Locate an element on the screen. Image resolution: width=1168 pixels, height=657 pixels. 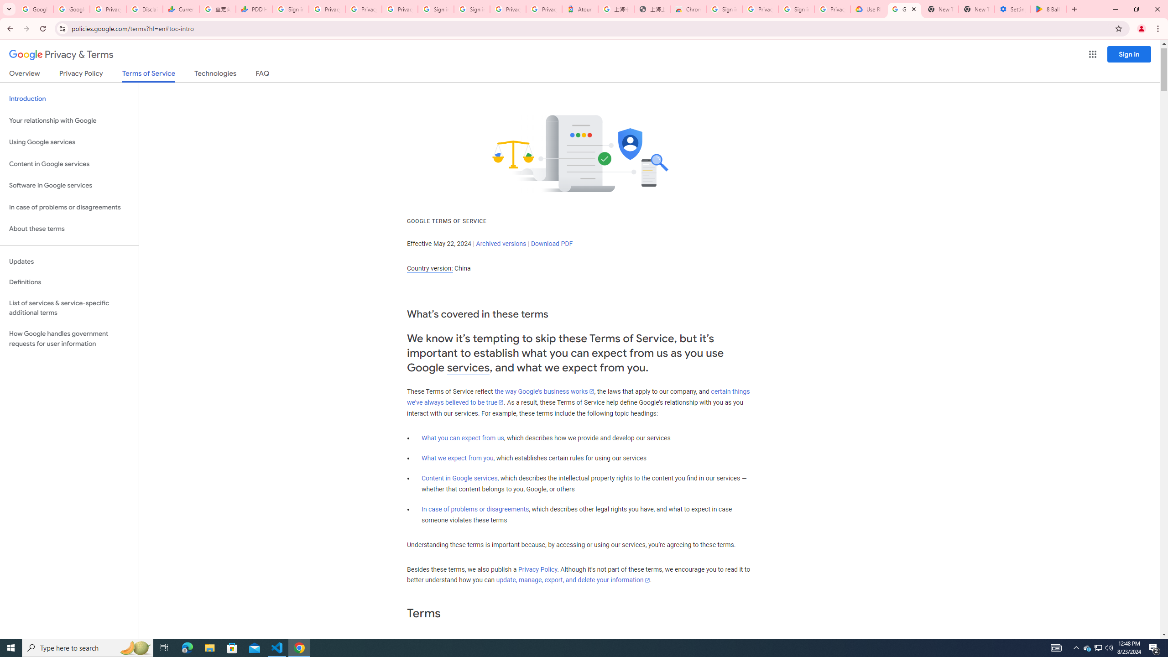
'Sign in - Google Accounts' is located at coordinates (472, 9).